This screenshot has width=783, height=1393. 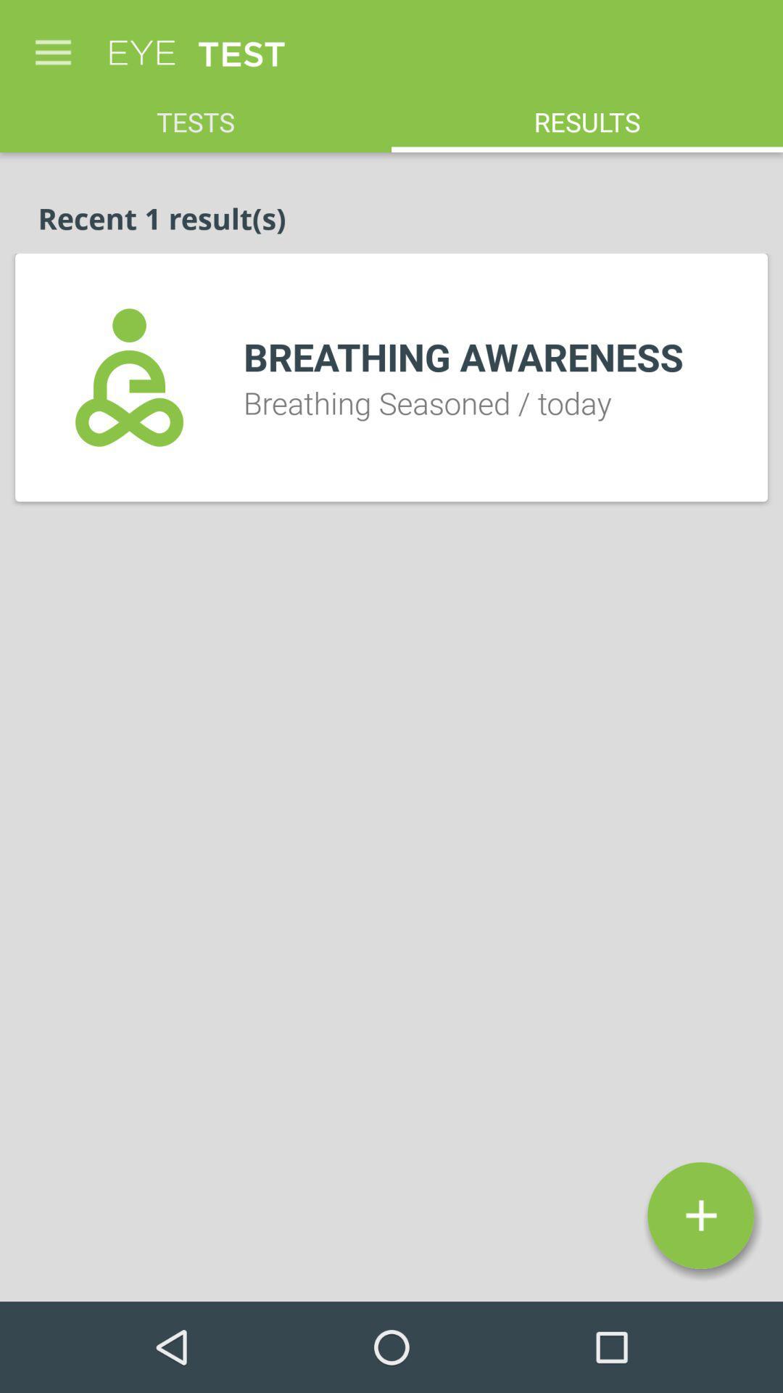 What do you see at coordinates (196, 113) in the screenshot?
I see `the item to the left of results icon` at bounding box center [196, 113].